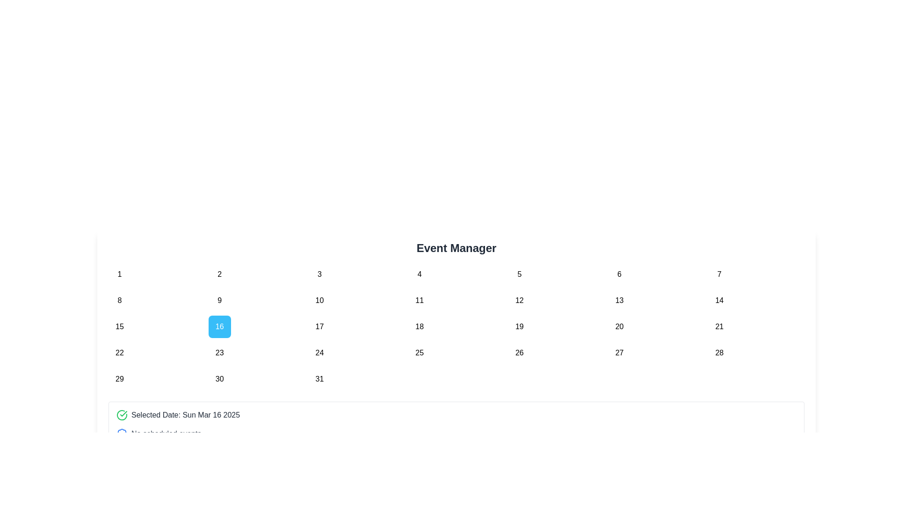 The image size is (898, 505). I want to click on the selectable date button located in the fifth row and second column of the calendar grid, positioned between the numbers '22' and '24', so click(219, 353).